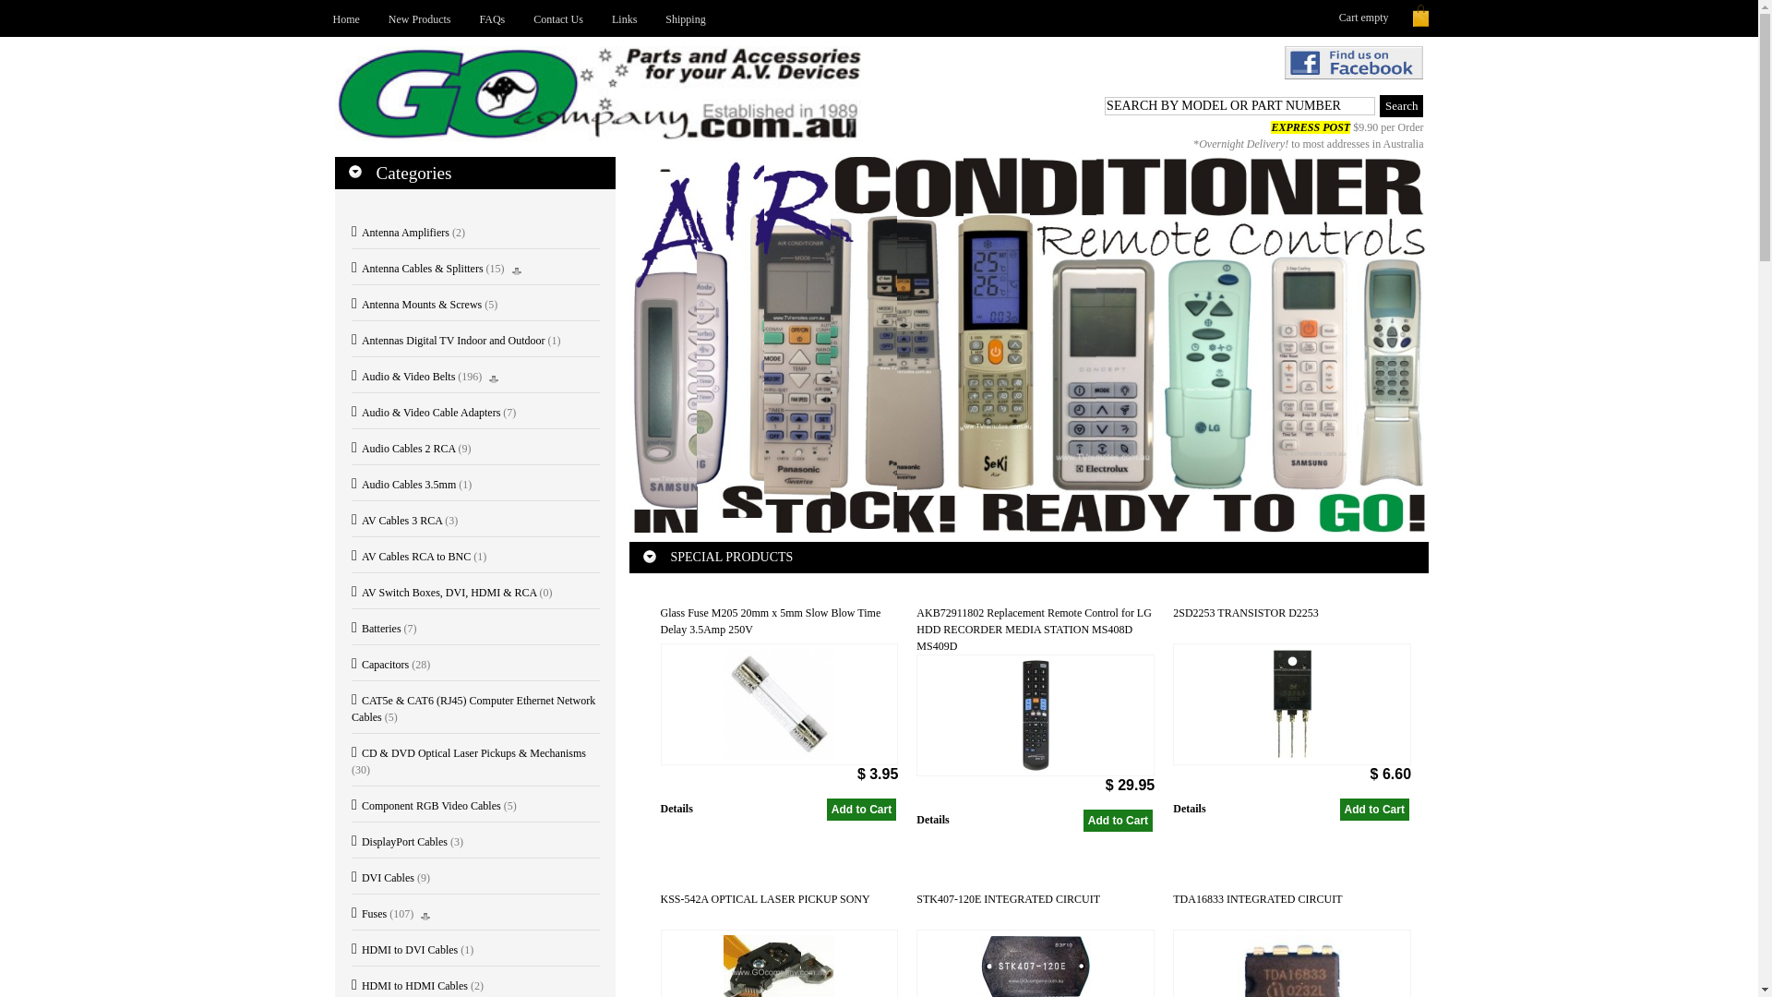  What do you see at coordinates (410, 555) in the screenshot?
I see `'AV Cables RCA to BNC'` at bounding box center [410, 555].